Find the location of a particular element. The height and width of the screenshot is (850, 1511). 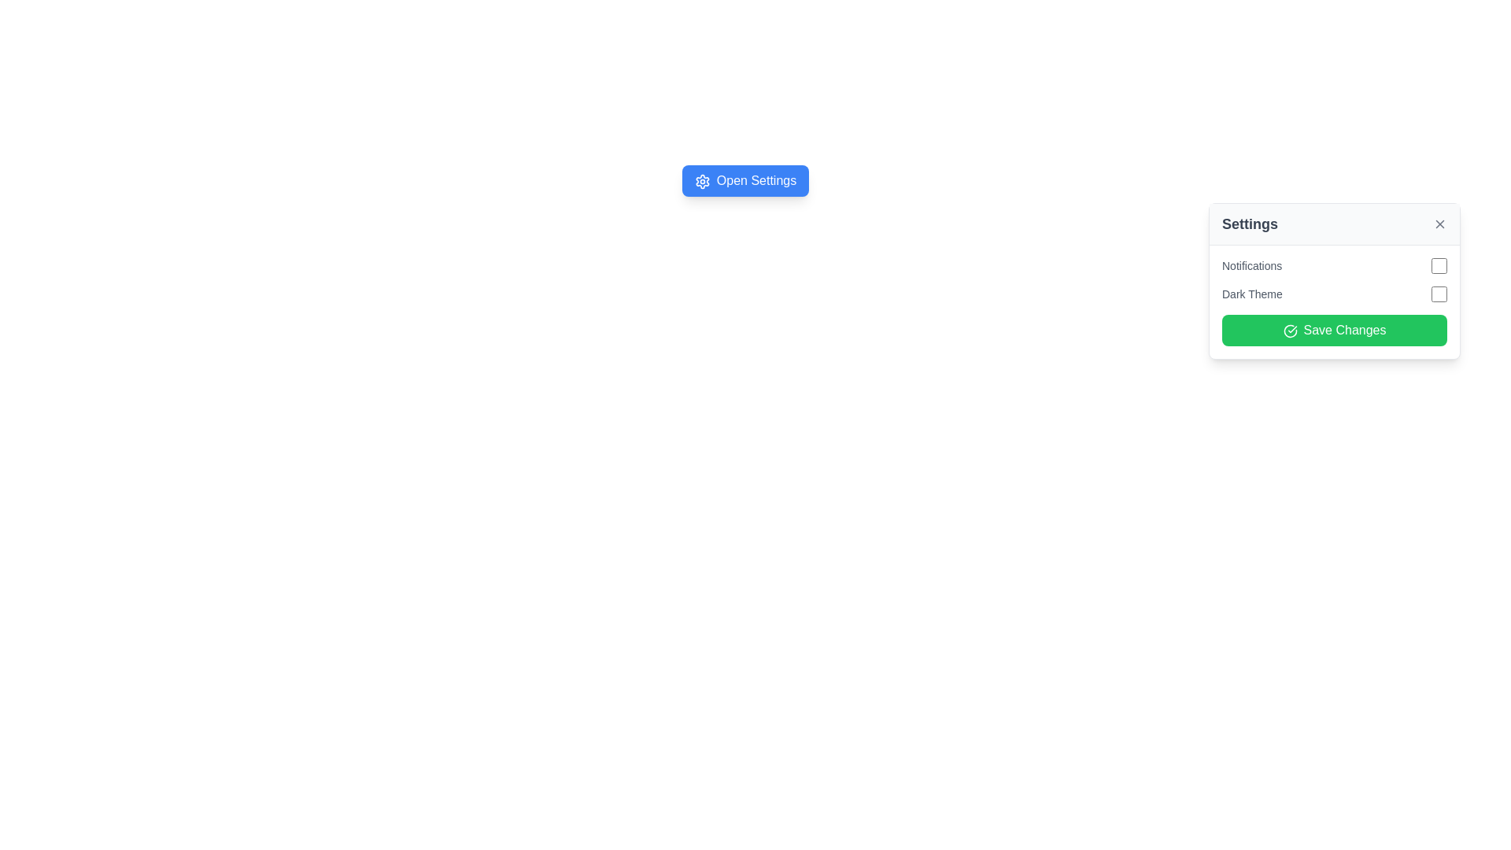

the distinct large green 'Save Changes' button with rounded corners located at the bottom center of the settings panel to observe the hover effect is located at coordinates (1333, 330).